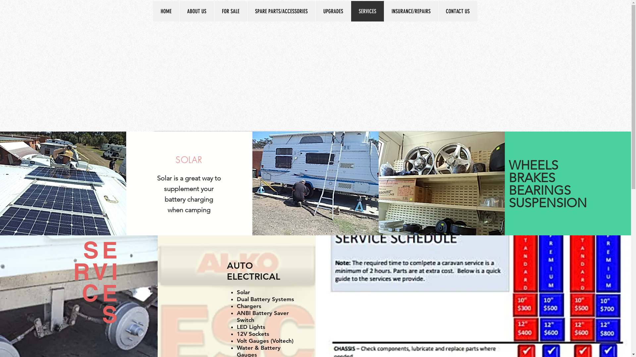 This screenshot has height=357, width=636. I want to click on 'FOR SALE', so click(231, 11).